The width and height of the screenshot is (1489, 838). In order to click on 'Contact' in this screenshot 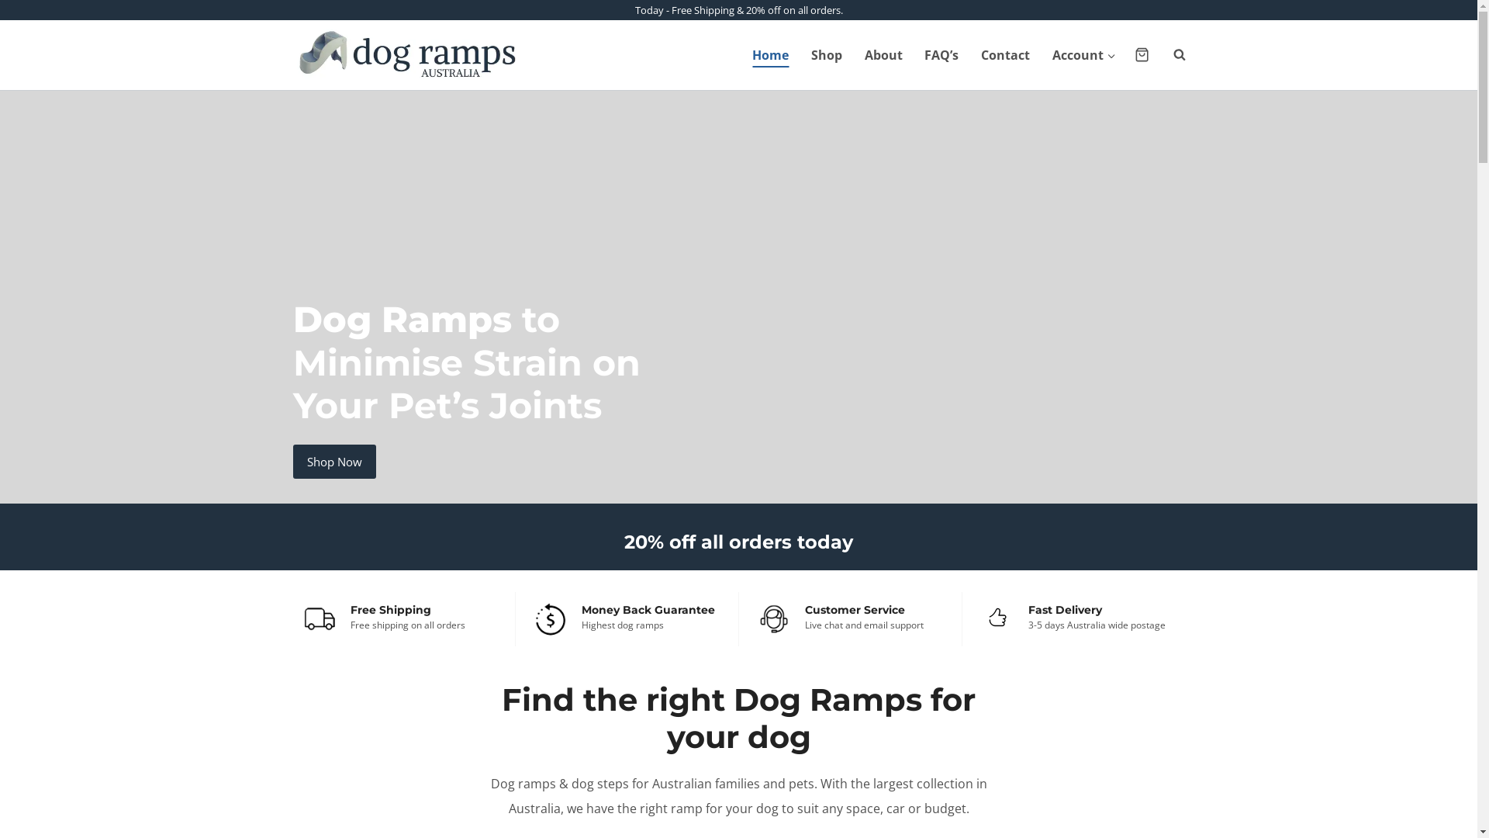, I will do `click(1005, 54)`.